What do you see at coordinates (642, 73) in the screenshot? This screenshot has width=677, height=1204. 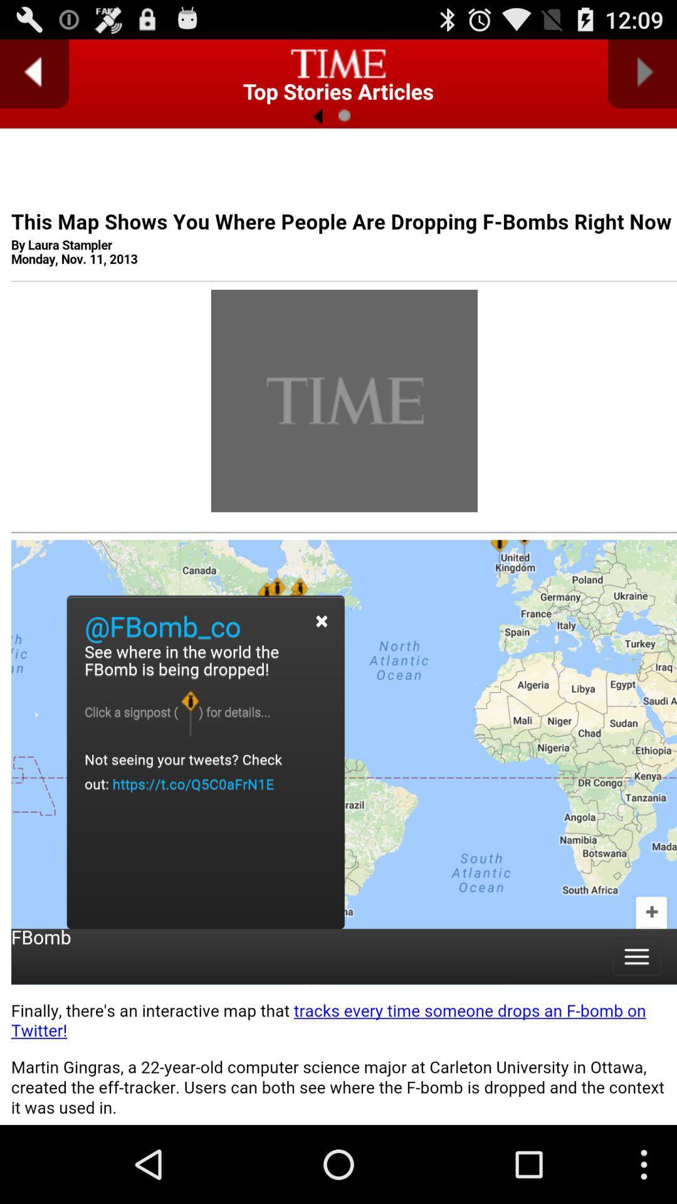 I see `next` at bounding box center [642, 73].